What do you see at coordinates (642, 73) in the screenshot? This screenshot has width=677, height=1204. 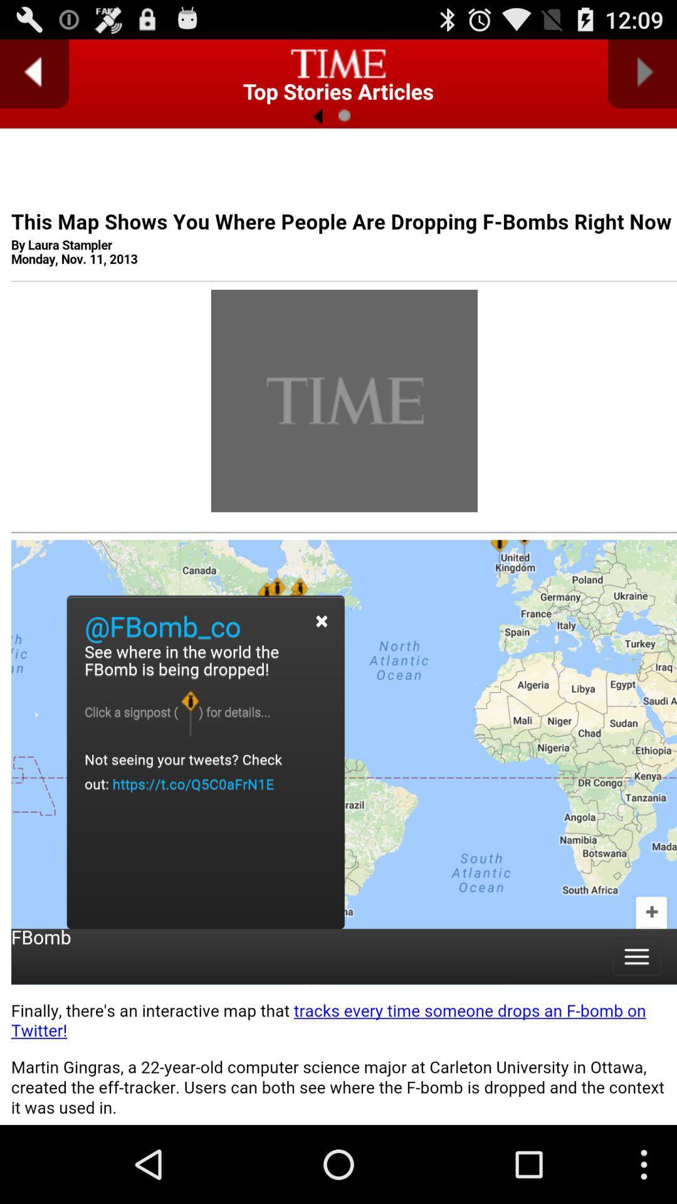 I see `next` at bounding box center [642, 73].